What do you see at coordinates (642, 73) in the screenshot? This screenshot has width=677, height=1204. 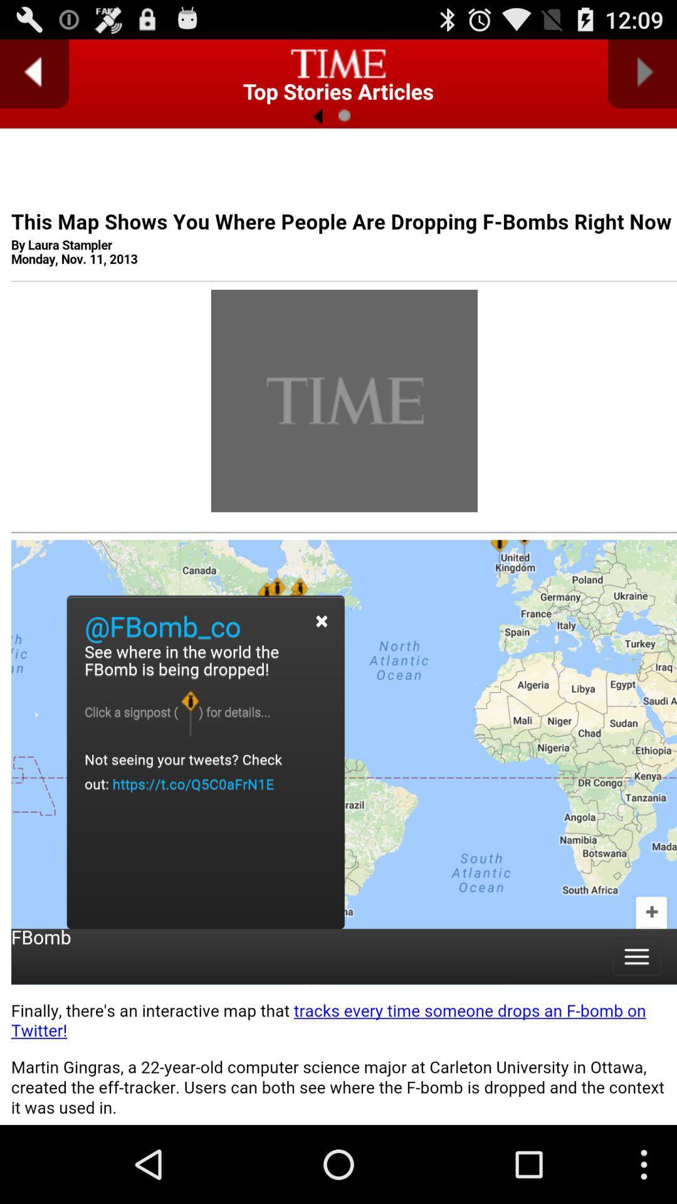 I see `next` at bounding box center [642, 73].